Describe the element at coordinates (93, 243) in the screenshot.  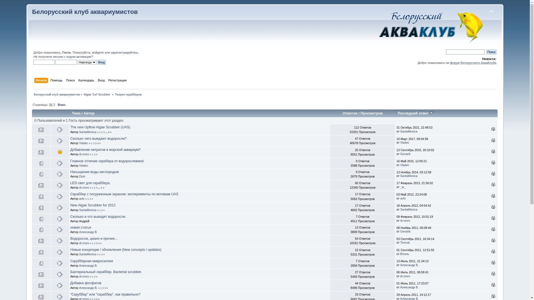
I see `'1'` at that location.